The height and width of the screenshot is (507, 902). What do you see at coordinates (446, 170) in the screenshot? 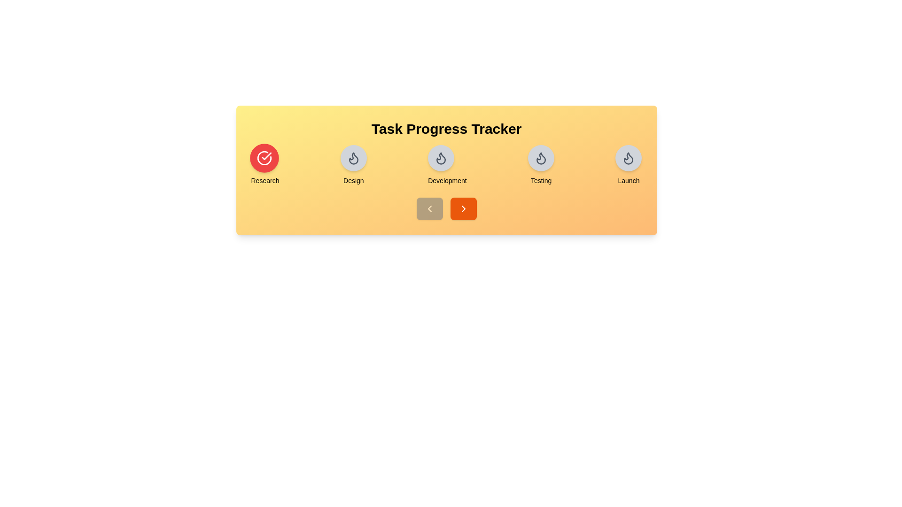
I see `the 'Development' phase icon in the project timeline` at bounding box center [446, 170].